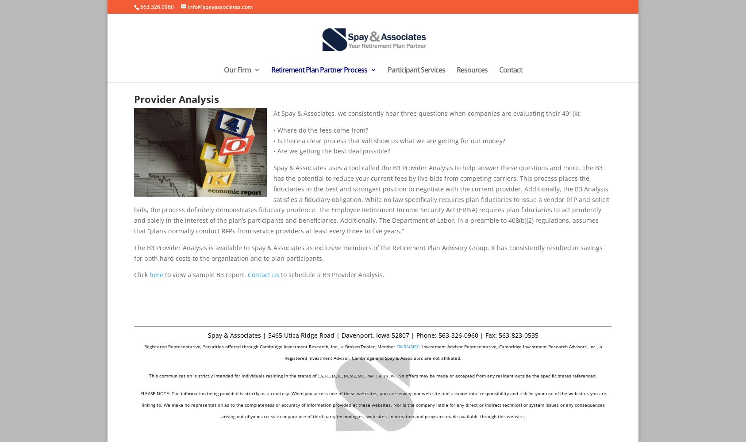 Image resolution: width=746 pixels, height=442 pixels. Describe the element at coordinates (371, 198) in the screenshot. I see `'Spay & Associates uses a tool called the B3 Provider Analysis to help answer these questions and more. The B3 has the potential to reduce your current fees by live bids from competing carriers. This process places the fiduciaries in the best and strongest position to negotiate with the current provider. Additionally, the B3 Analysis satisfies a fiduciary obligation. While no law specifically requires plan fiduciaries to issue a vendor RFP and solicit bids, the process definitely demonstrates fiduciary prudence. The Employee Retirement Income Security Act (ERISA) requires plan fiduciaries to act prudently and solely in the interest of the plan’s participants and beneficiaries. Additionally, The Department of Labor, in a preamble to 408(b)(2) regulations, assumes that “plans normally conduct RFPs from service providers at least every three to five years.”'` at that location.